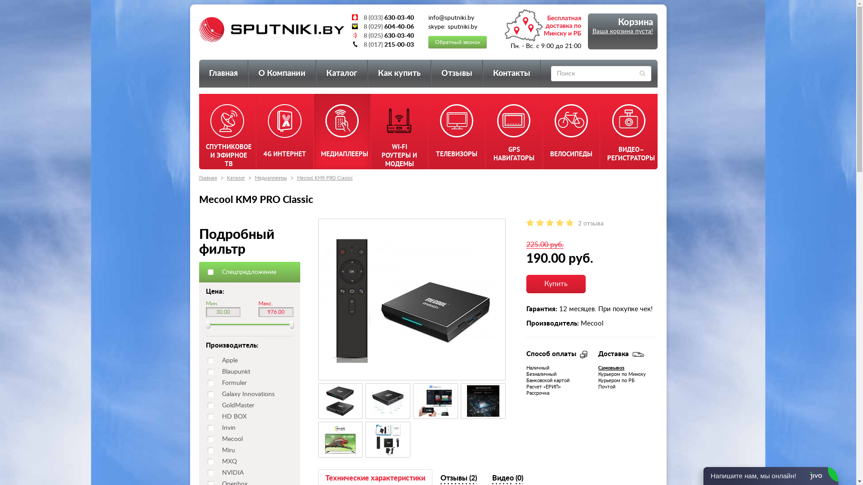 This screenshot has height=485, width=863. Describe the element at coordinates (340, 439) in the screenshot. I see `'Mecool KM9 PRO Classic'` at that location.